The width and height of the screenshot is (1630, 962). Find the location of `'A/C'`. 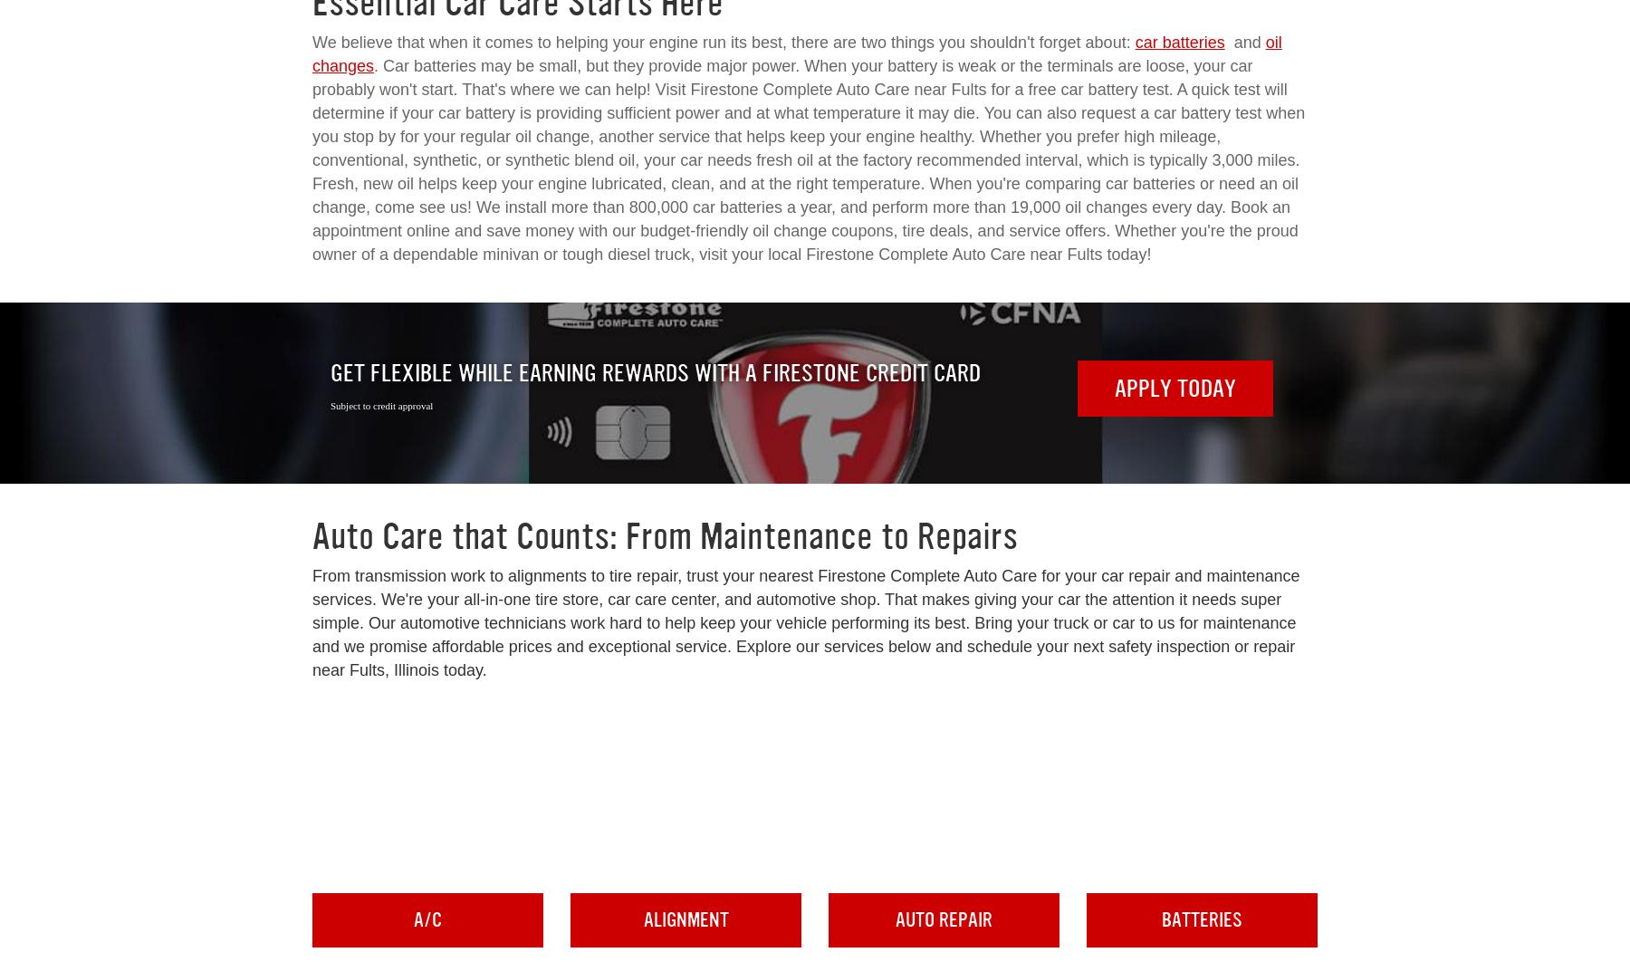

'A/C' is located at coordinates (427, 919).